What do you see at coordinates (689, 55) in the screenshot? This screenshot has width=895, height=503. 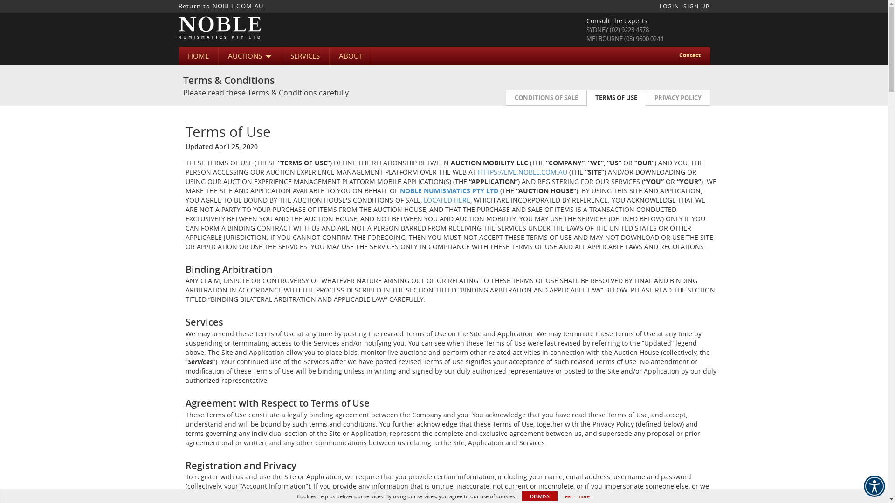 I see `'Contact'` at bounding box center [689, 55].